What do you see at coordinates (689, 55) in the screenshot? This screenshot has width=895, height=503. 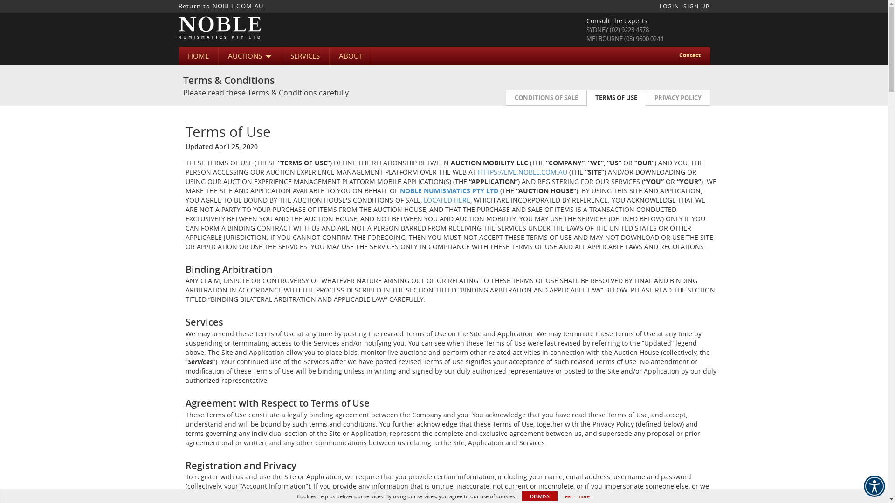 I see `'Contact'` at bounding box center [689, 55].